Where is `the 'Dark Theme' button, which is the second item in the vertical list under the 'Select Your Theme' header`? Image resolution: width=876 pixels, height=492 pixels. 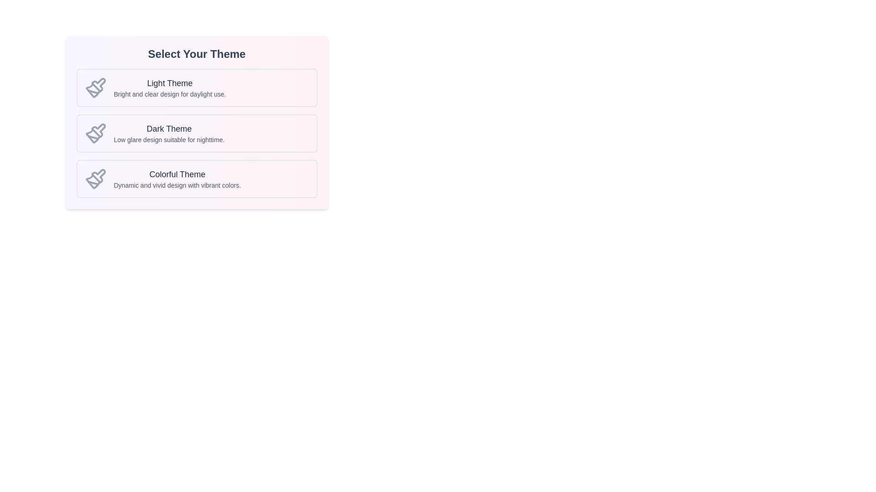 the 'Dark Theme' button, which is the second item in the vertical list under the 'Select Your Theme' header is located at coordinates (196, 133).